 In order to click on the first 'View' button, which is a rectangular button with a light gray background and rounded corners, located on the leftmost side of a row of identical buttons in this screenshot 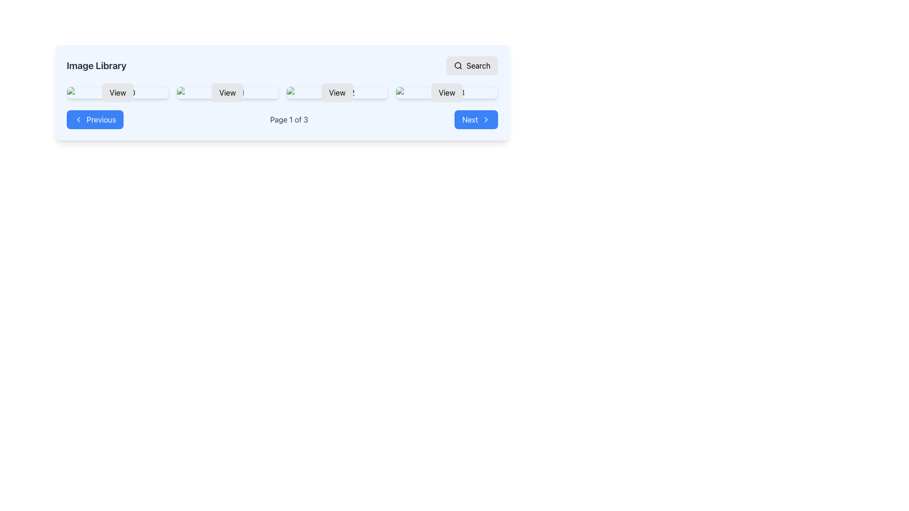, I will do `click(117, 93)`.